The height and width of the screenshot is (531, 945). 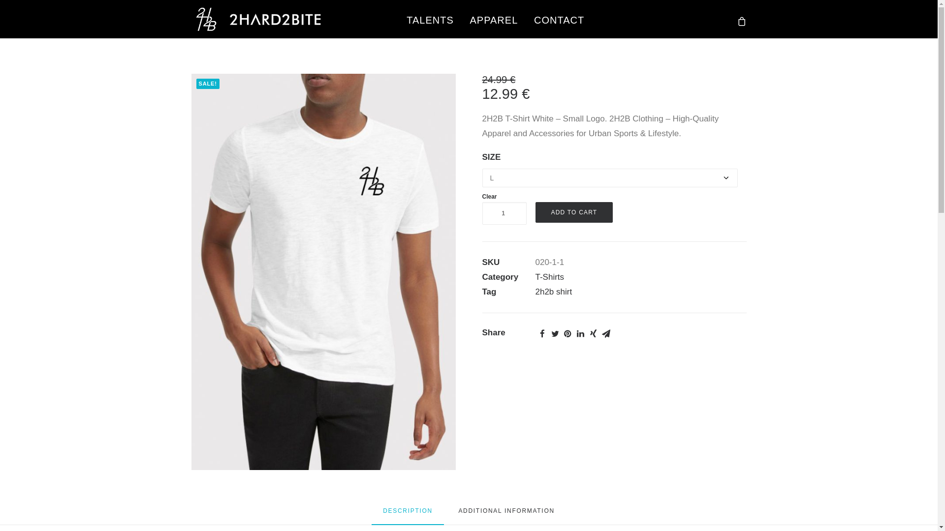 I want to click on 'Clear', so click(x=489, y=197).